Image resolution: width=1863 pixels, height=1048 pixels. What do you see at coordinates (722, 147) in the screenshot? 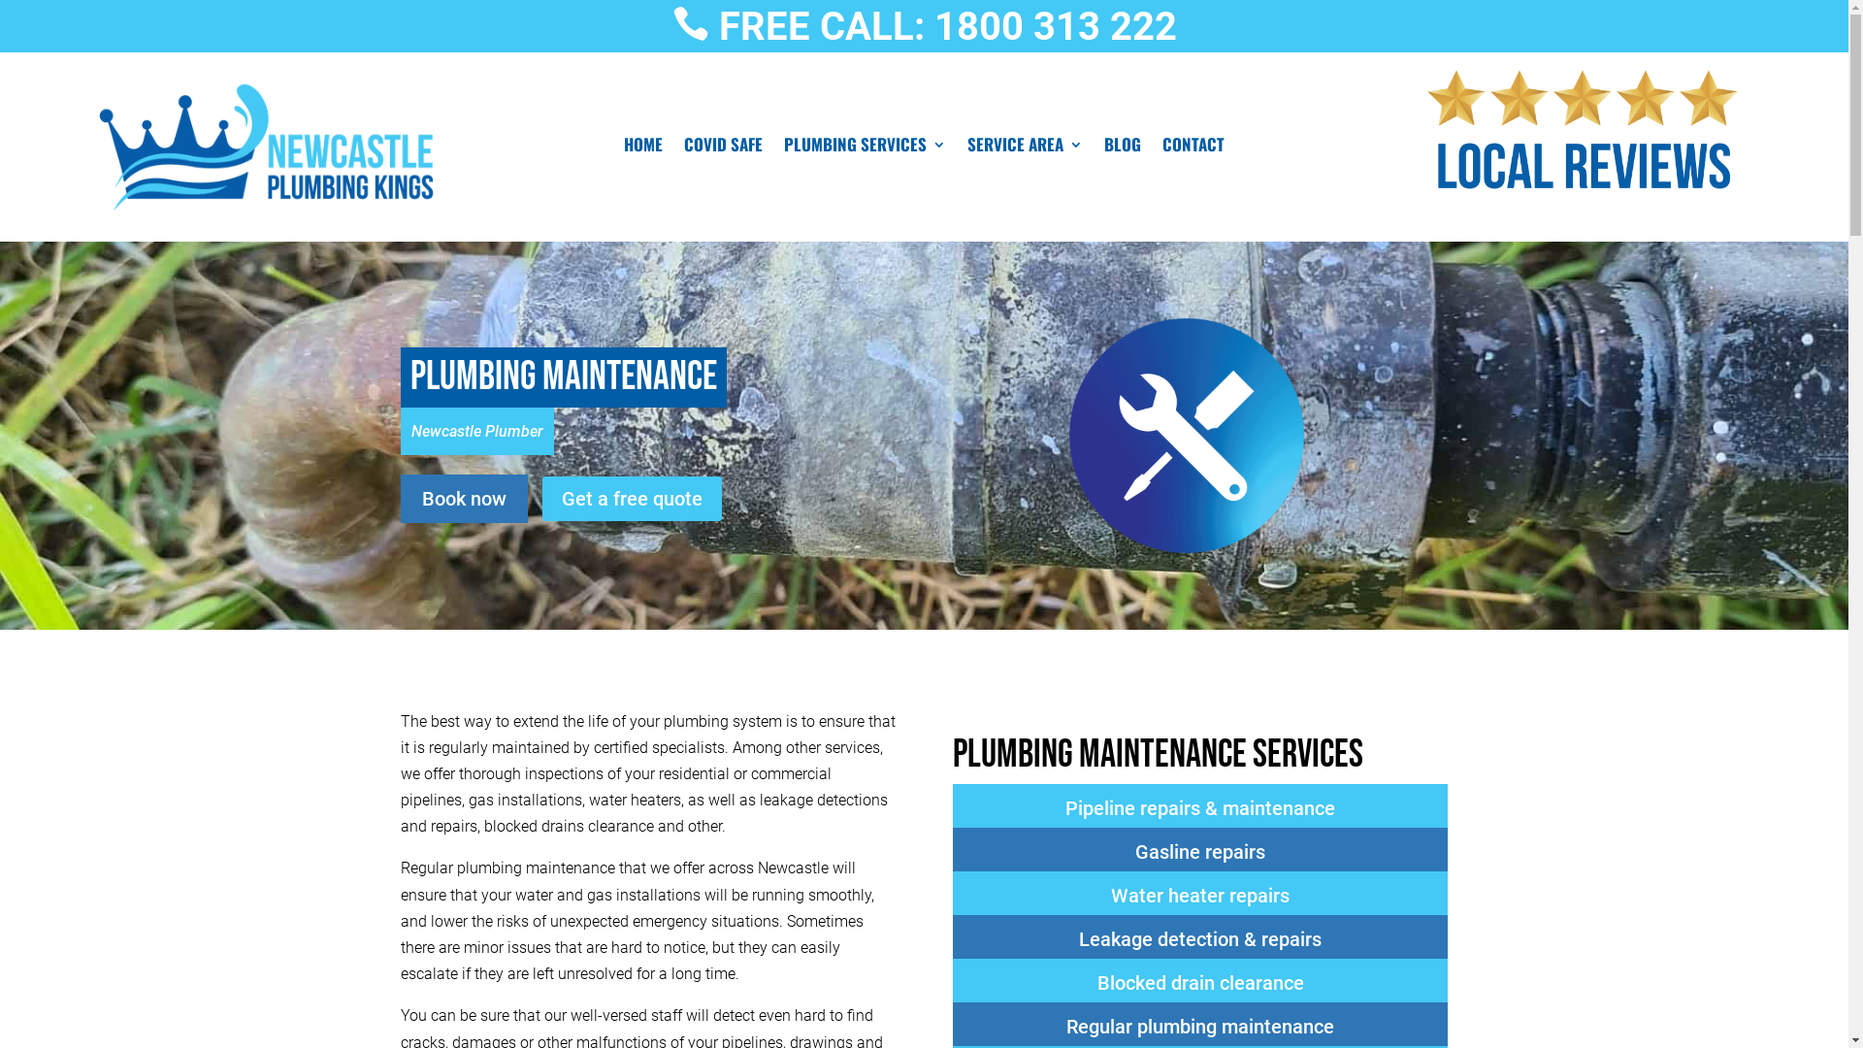
I see `'COVID SAFE'` at bounding box center [722, 147].